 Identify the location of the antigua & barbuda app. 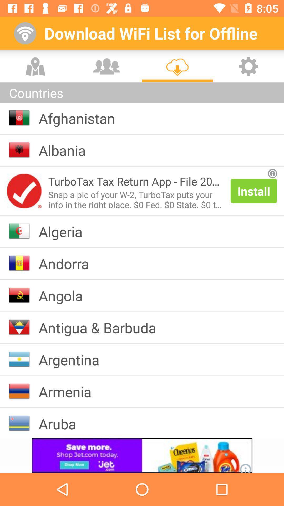
(102, 327).